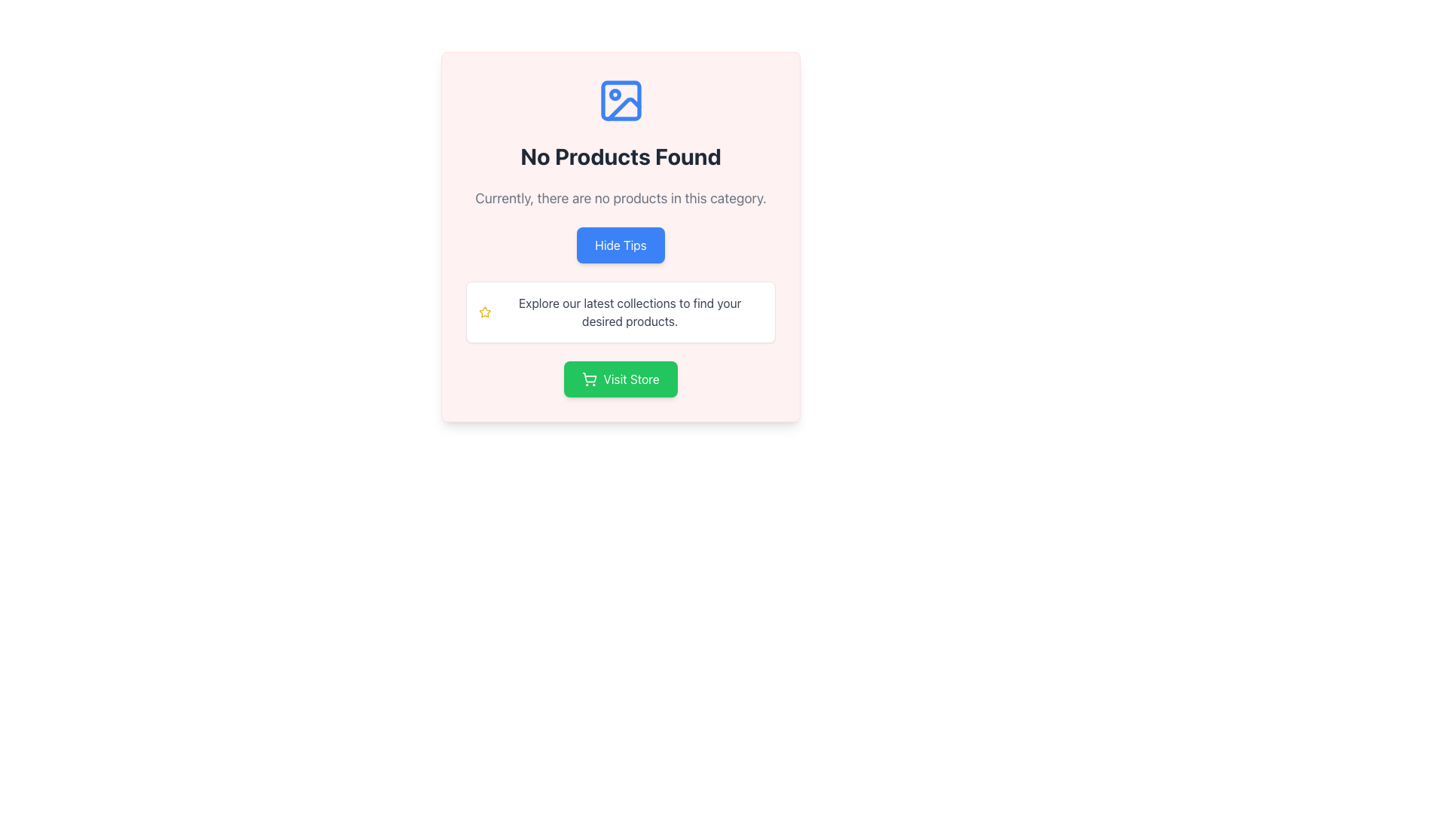  Describe the element at coordinates (615, 95) in the screenshot. I see `the decorative circular dot located in the top-center of the interface, which is part of an illustrative icon with a light blue border depicting a mountain and sun` at that location.